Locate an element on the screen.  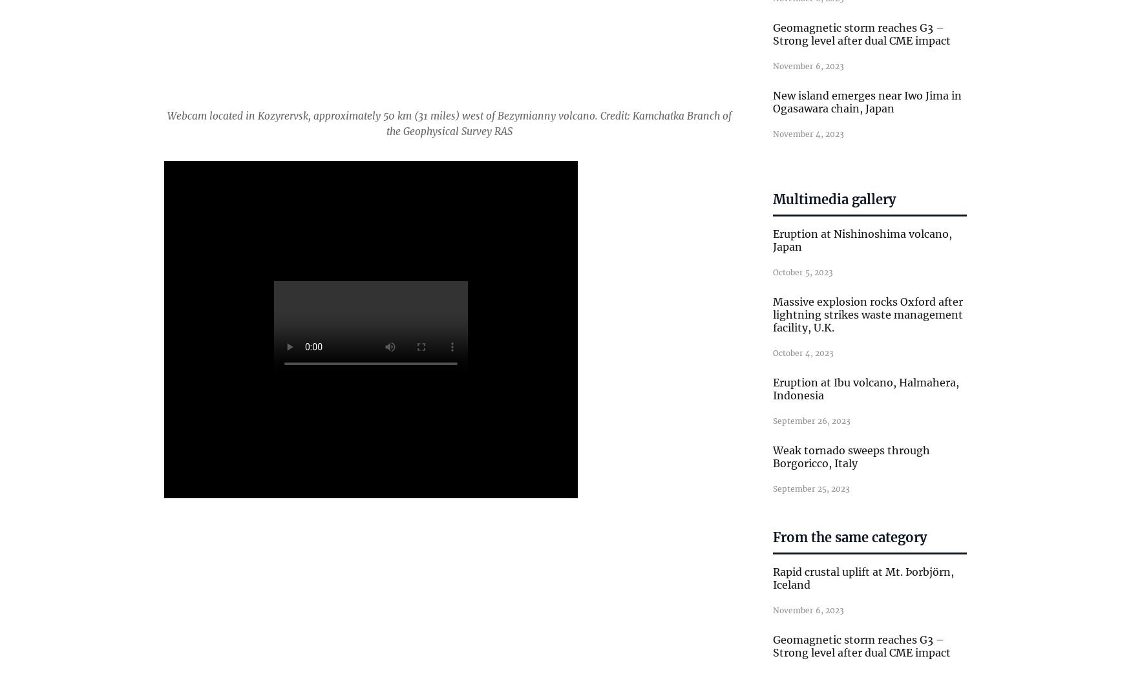
'October 5, 2023' is located at coordinates (803, 271).